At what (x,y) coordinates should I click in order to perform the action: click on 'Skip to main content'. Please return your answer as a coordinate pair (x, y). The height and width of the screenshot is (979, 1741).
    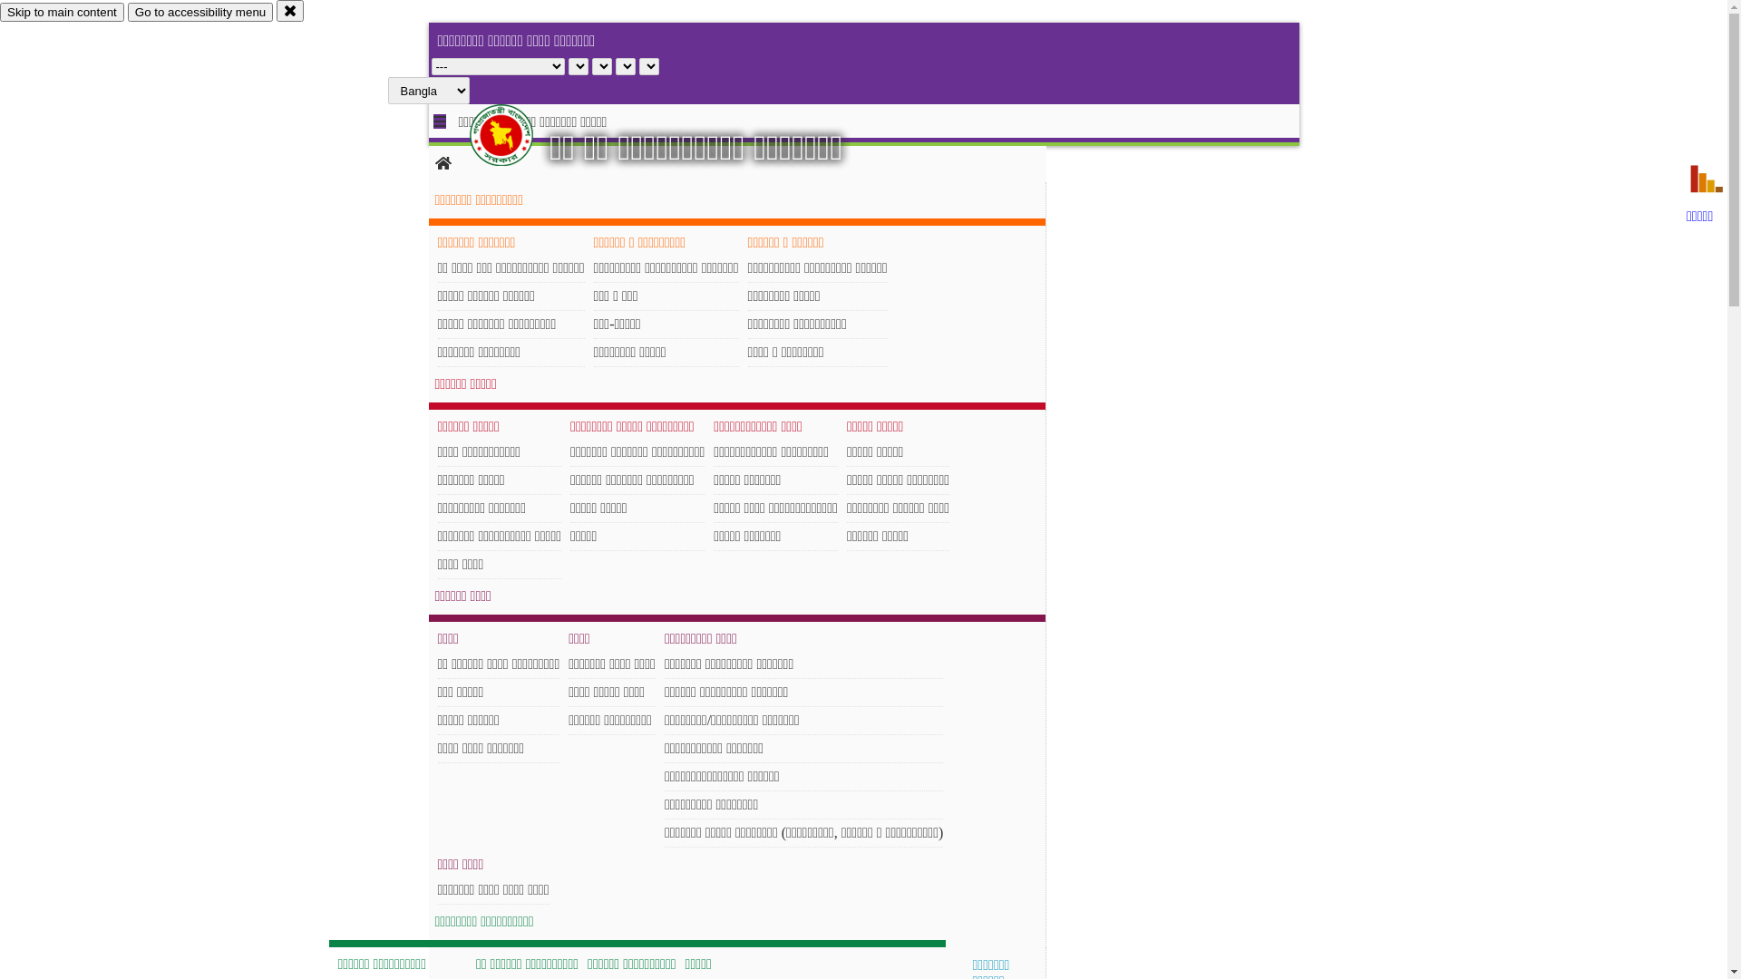
    Looking at the image, I should click on (62, 12).